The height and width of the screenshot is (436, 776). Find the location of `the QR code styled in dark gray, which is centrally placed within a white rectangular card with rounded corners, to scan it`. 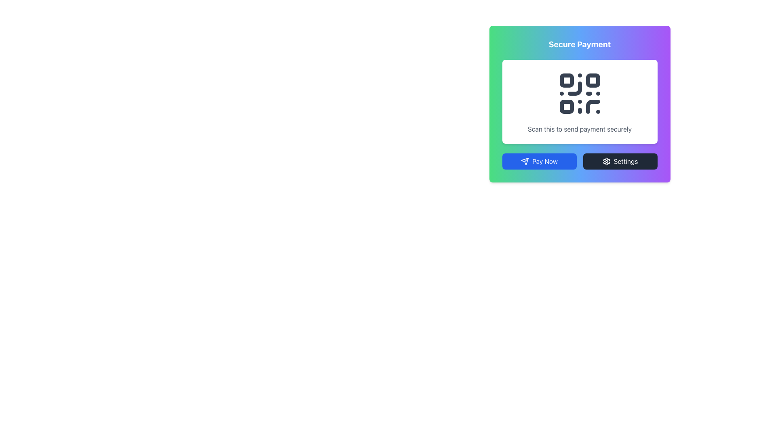

the QR code styled in dark gray, which is centrally placed within a white rectangular card with rounded corners, to scan it is located at coordinates (579, 93).